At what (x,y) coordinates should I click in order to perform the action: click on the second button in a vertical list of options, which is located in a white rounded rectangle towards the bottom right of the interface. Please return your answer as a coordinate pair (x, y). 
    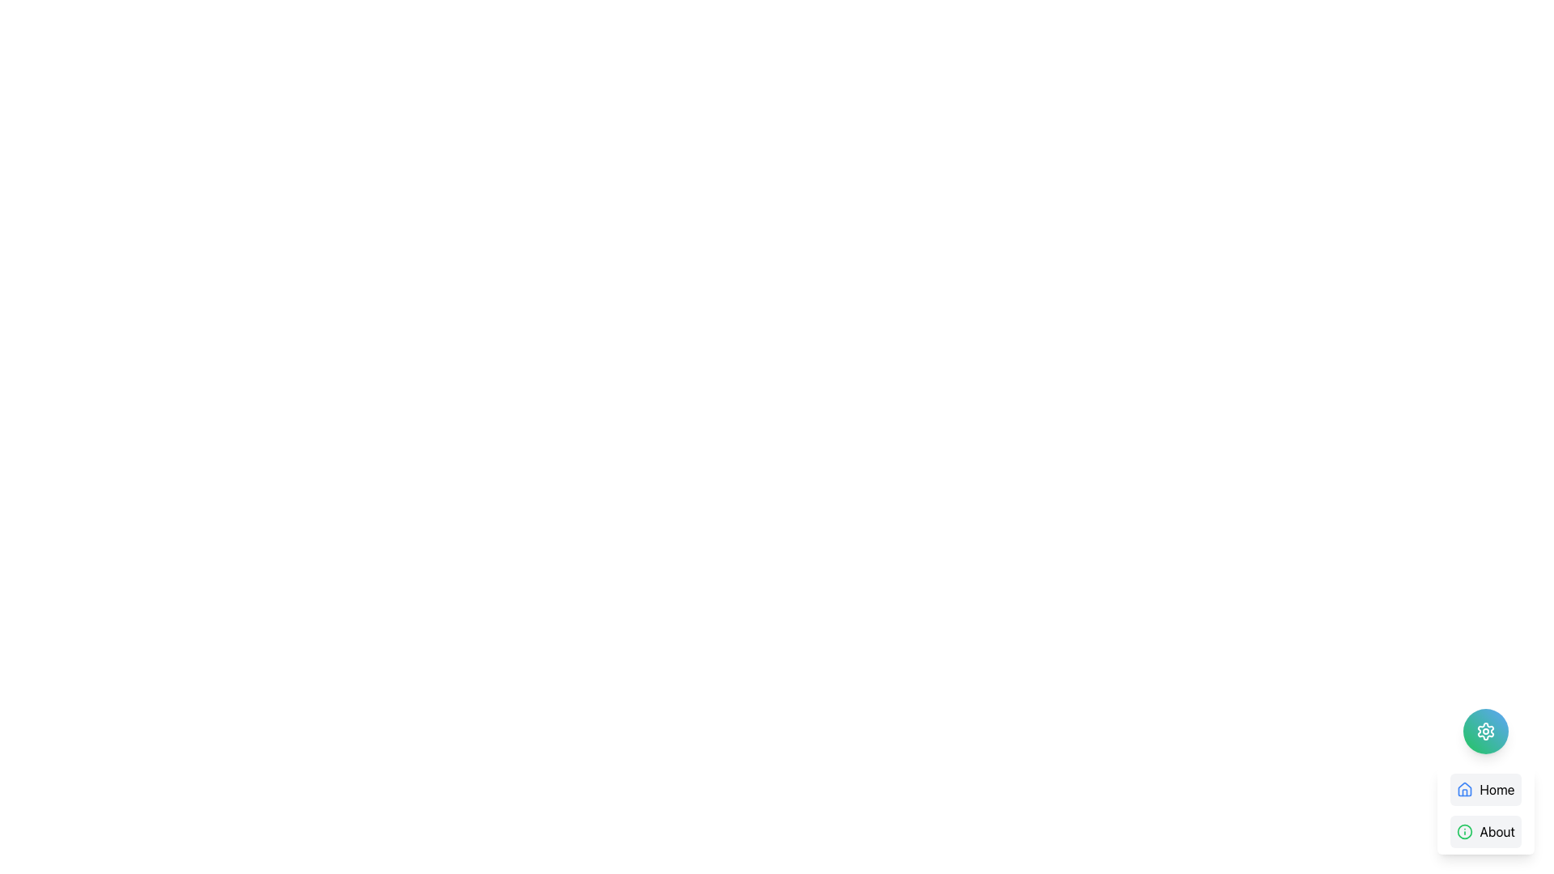
    Looking at the image, I should click on (1486, 832).